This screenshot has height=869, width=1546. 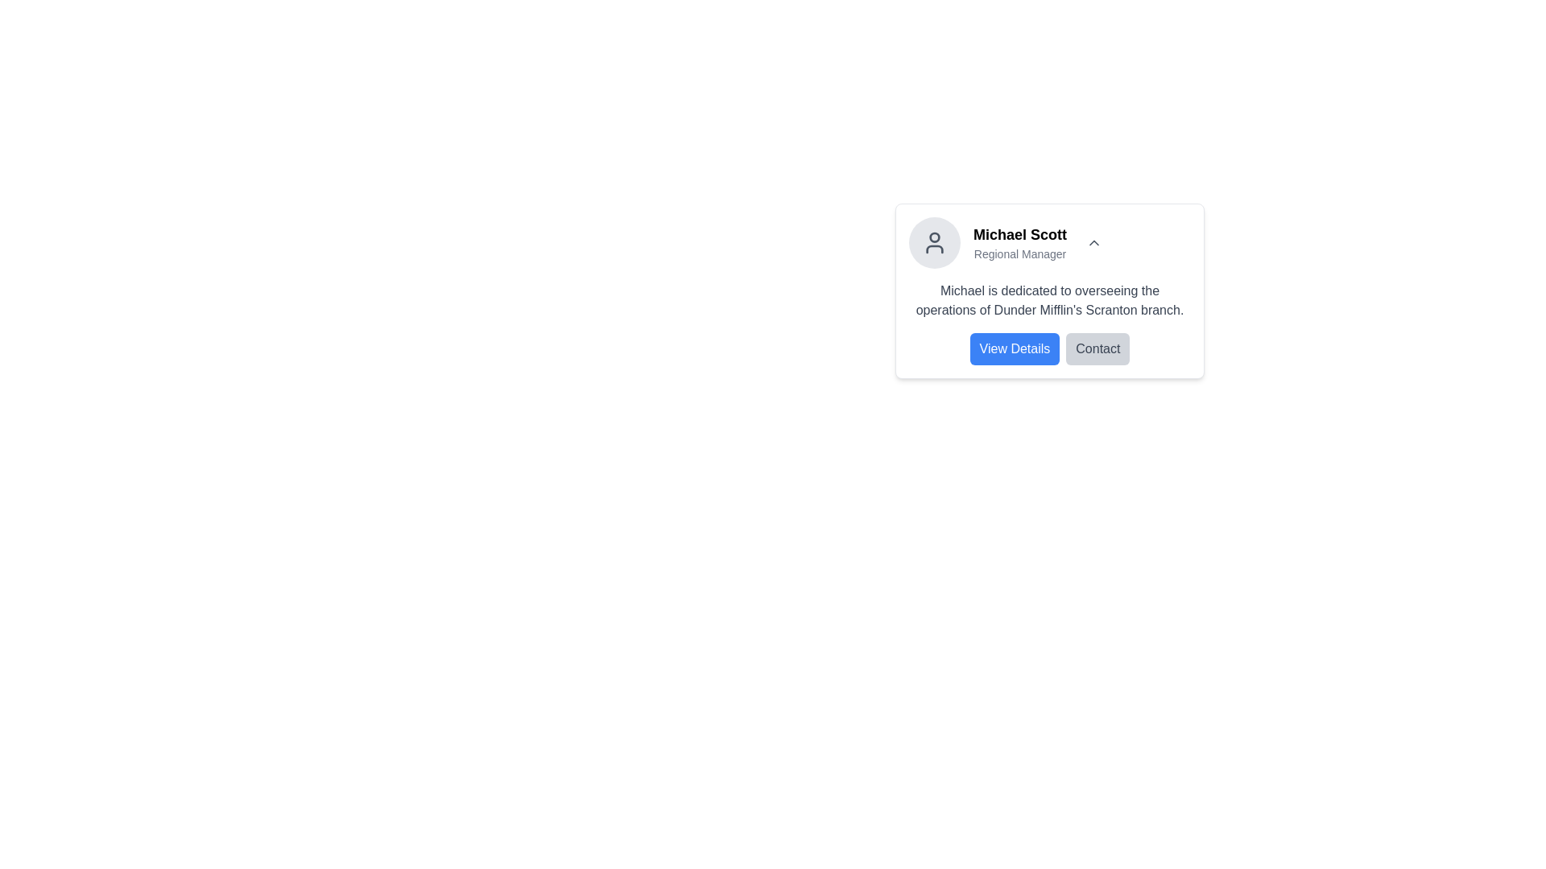 What do you see at coordinates (1019, 242) in the screenshot?
I see `the compound text display element showing 'Michael Scott' and 'Regional Manager' which is located at the upper section of a card interface, positioned towards the right of a user avatar icon` at bounding box center [1019, 242].